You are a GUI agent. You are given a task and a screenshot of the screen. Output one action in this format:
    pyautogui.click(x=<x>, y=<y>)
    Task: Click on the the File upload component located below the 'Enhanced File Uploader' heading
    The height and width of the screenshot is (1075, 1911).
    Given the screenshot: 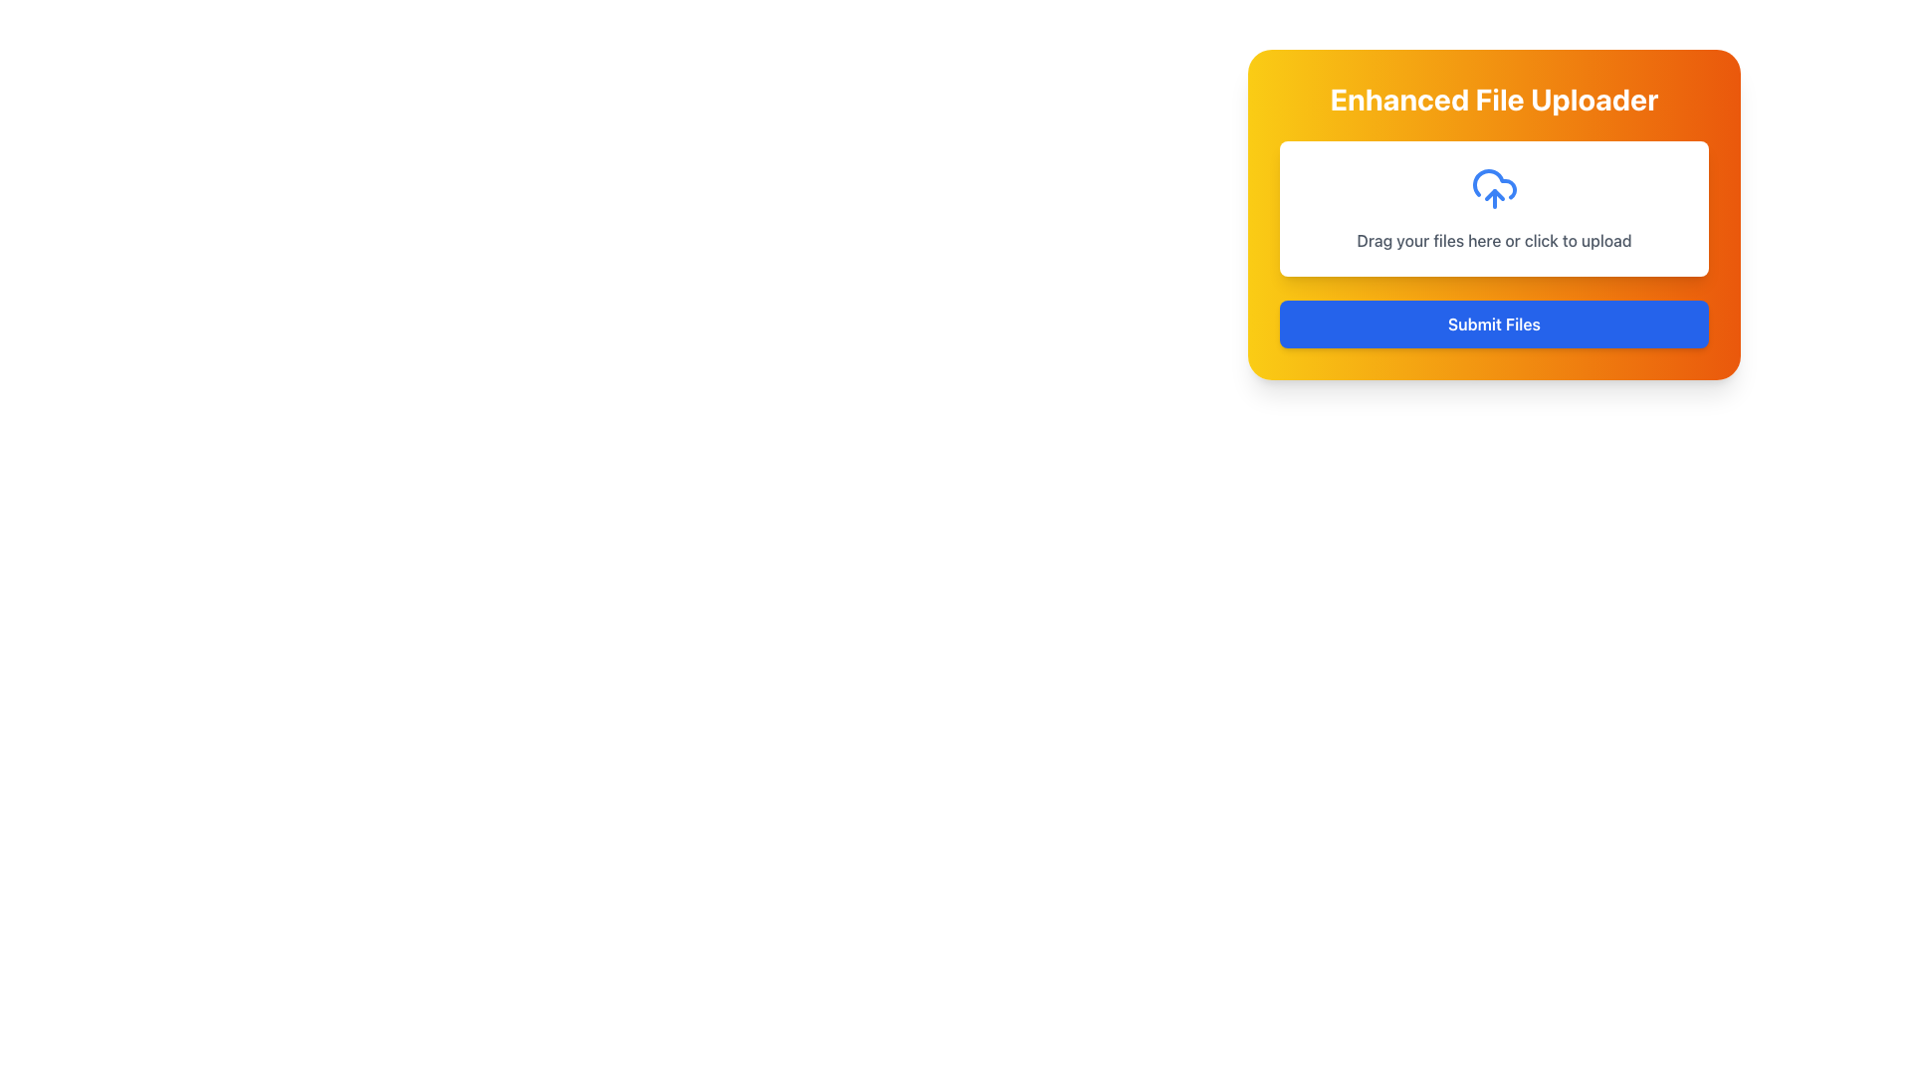 What is the action you would take?
    pyautogui.click(x=1494, y=208)
    